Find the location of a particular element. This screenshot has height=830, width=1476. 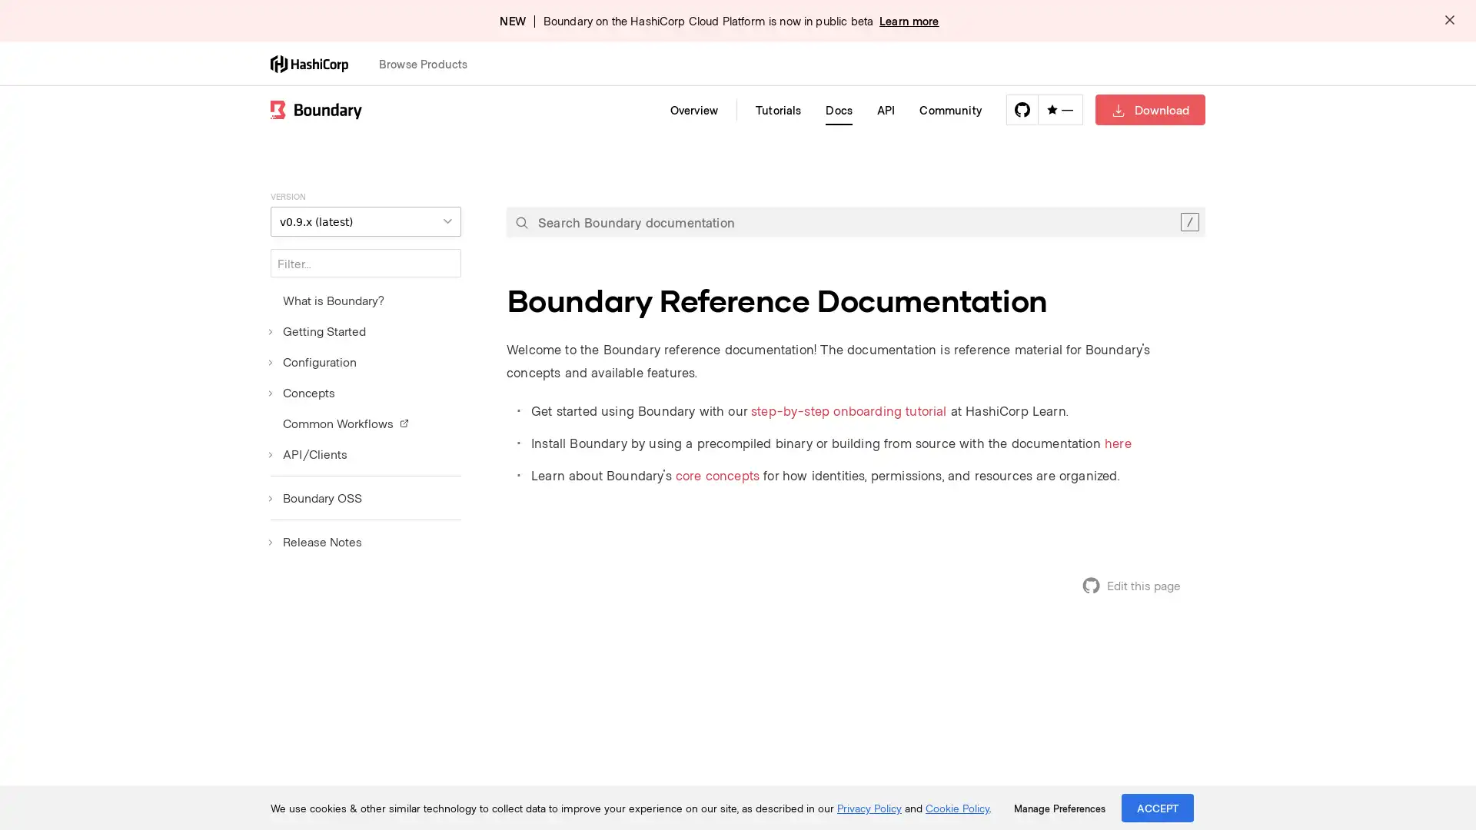

Concepts is located at coordinates (302, 391).